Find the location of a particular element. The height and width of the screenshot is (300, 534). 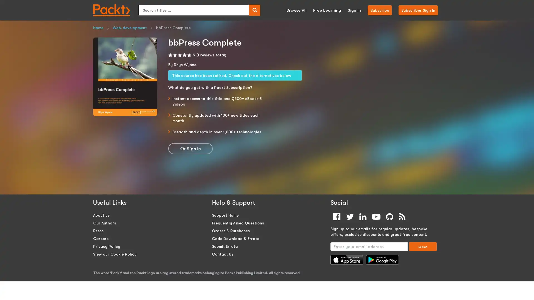

Submit is located at coordinates (423, 246).